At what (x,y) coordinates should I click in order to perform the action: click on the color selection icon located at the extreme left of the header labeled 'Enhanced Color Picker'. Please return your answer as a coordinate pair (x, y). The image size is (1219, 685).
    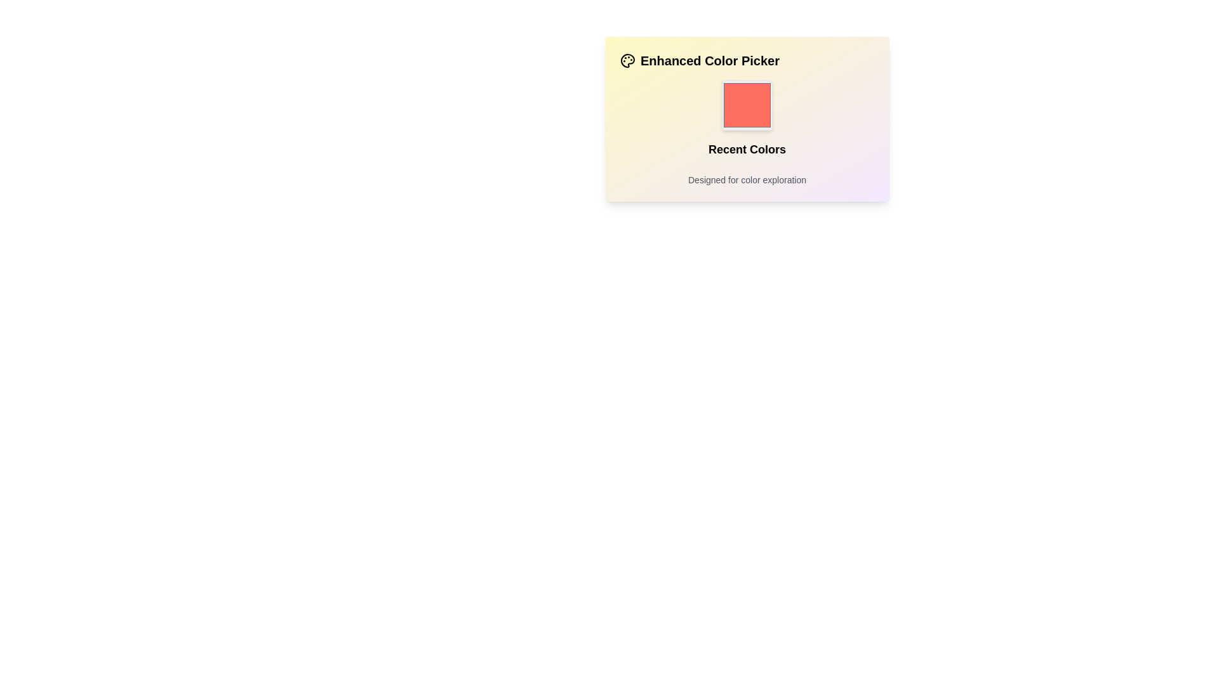
    Looking at the image, I should click on (627, 61).